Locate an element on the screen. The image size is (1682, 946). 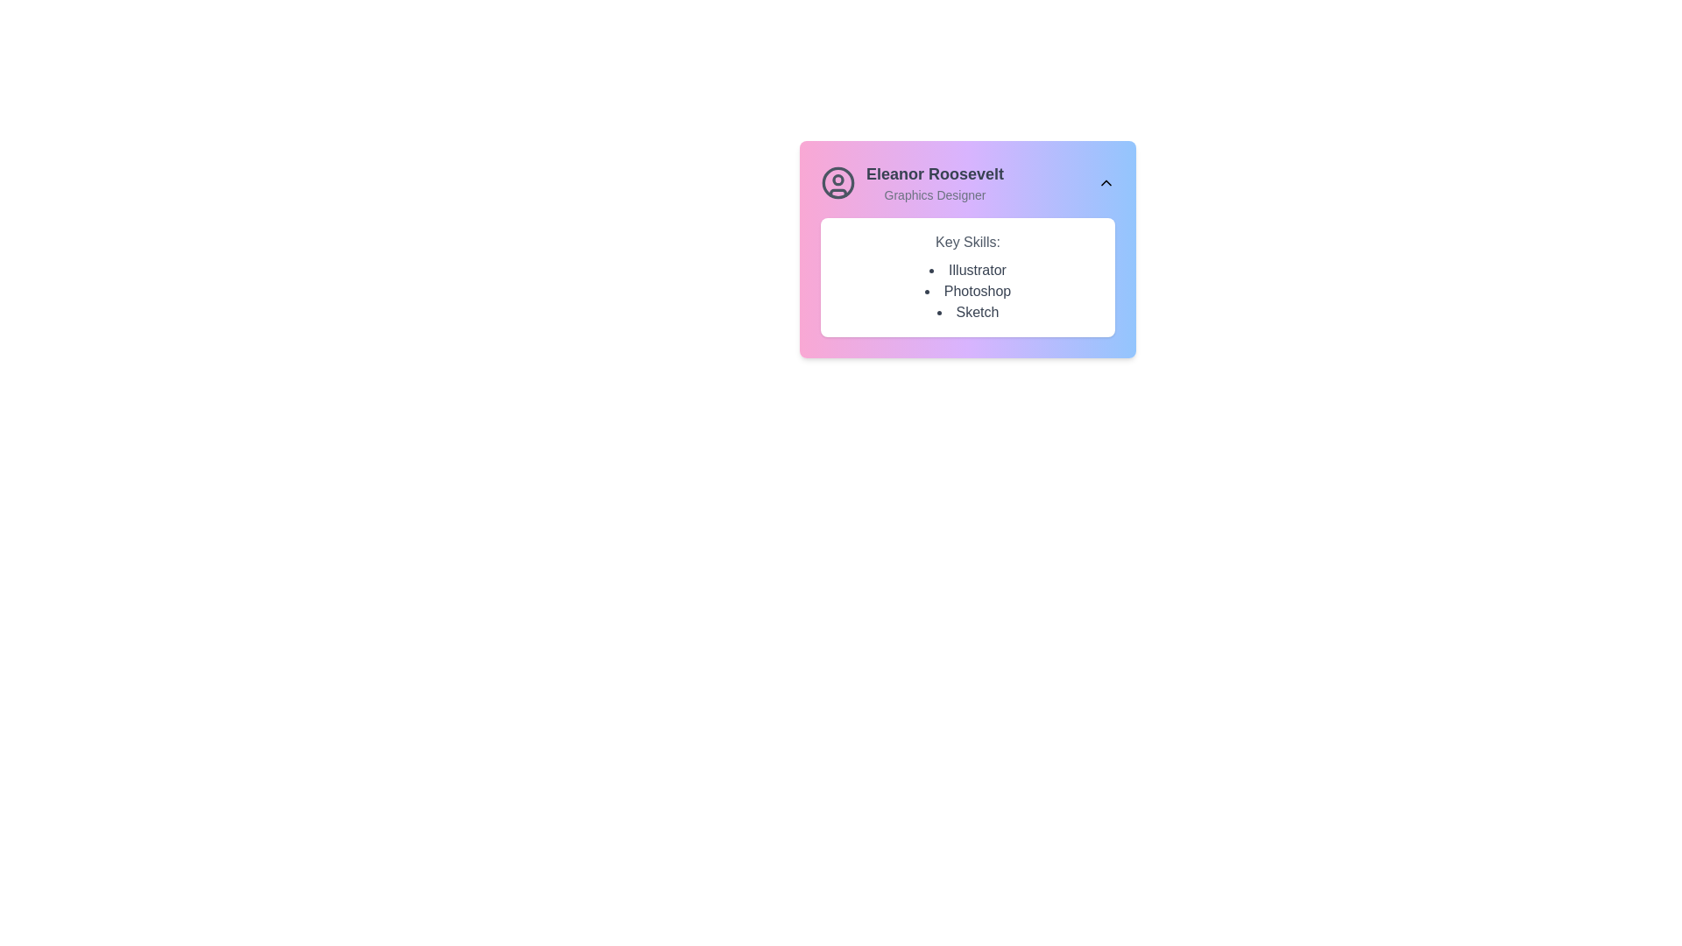
the bulleted list containing 'Illustrator', 'Photoshop', and 'Sketch' which is located under the heading 'Key Skills:' in a white rounded box is located at coordinates (966, 290).